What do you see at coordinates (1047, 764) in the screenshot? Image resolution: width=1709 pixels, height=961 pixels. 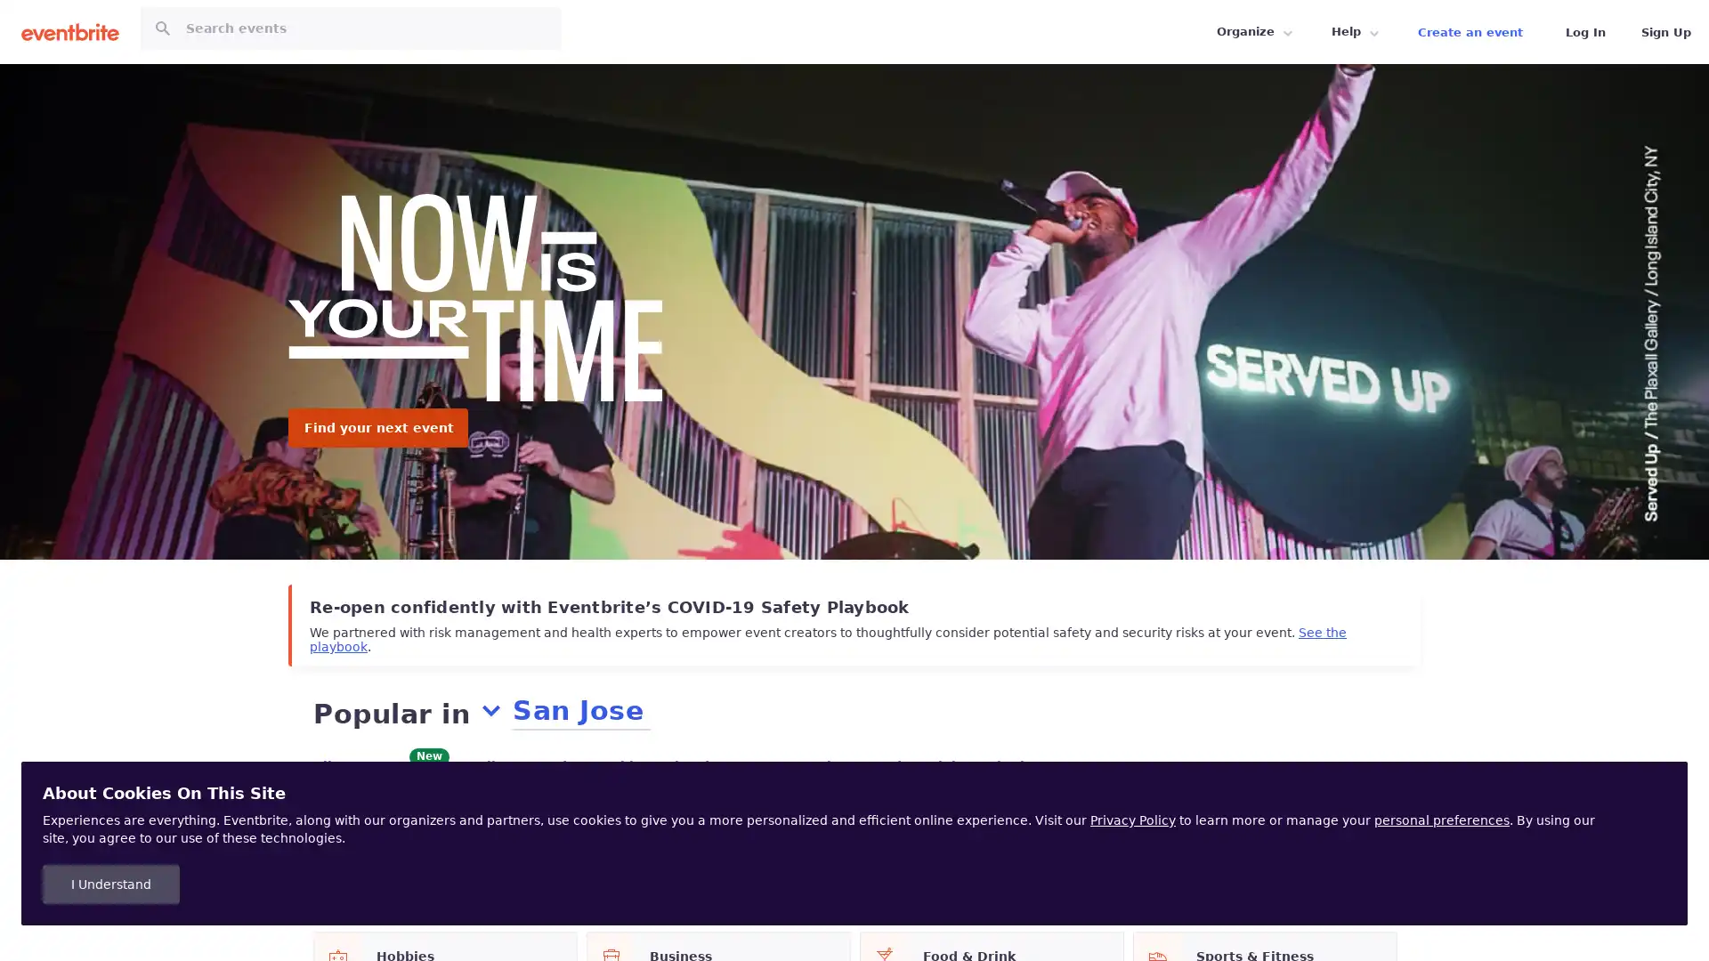 I see `Charity & Causes` at bounding box center [1047, 764].